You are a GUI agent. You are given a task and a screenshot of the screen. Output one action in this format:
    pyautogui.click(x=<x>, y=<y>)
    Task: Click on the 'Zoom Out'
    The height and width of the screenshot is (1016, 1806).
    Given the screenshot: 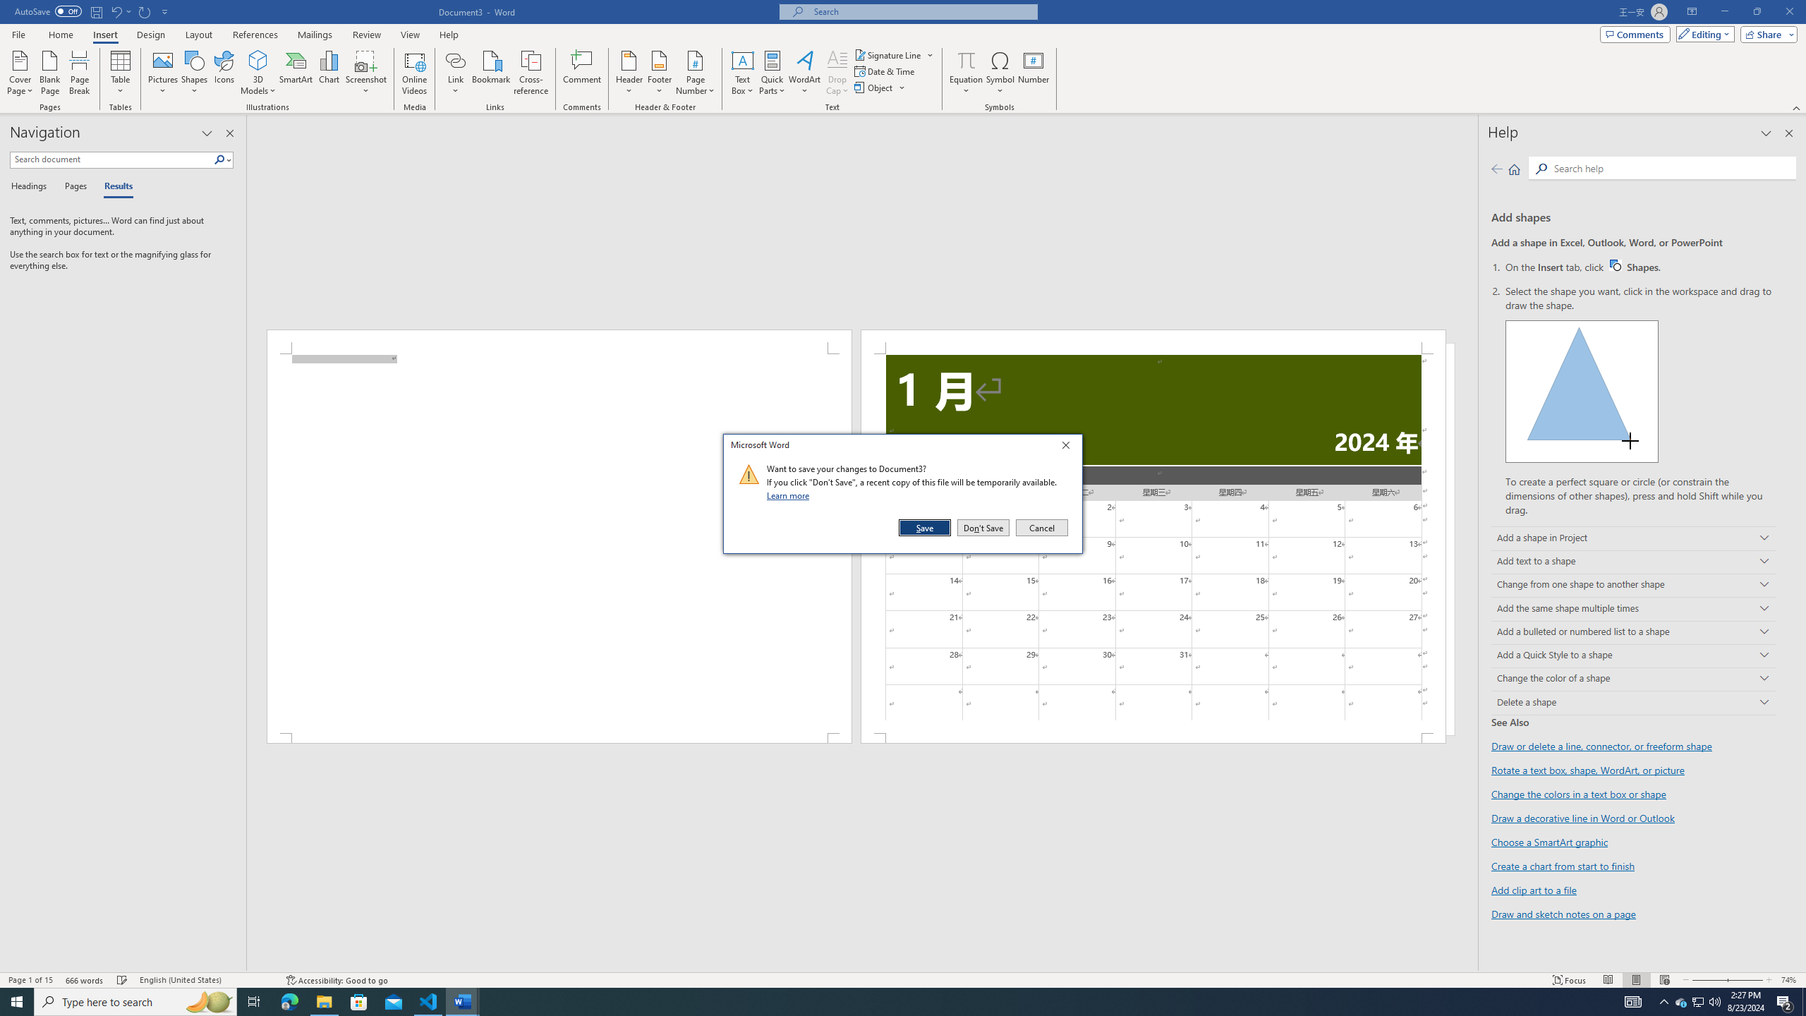 What is the action you would take?
    pyautogui.click(x=1703, y=980)
    